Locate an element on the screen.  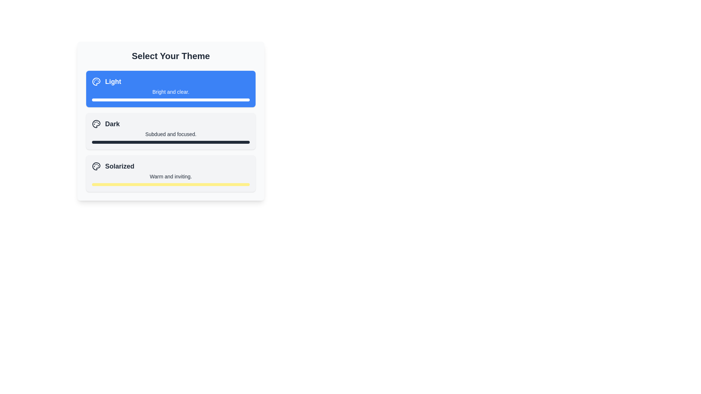
the SVG icon shaped like a painter's palette located to the left of the text 'Dark' in the second option of the theme selection list is located at coordinates (96, 123).